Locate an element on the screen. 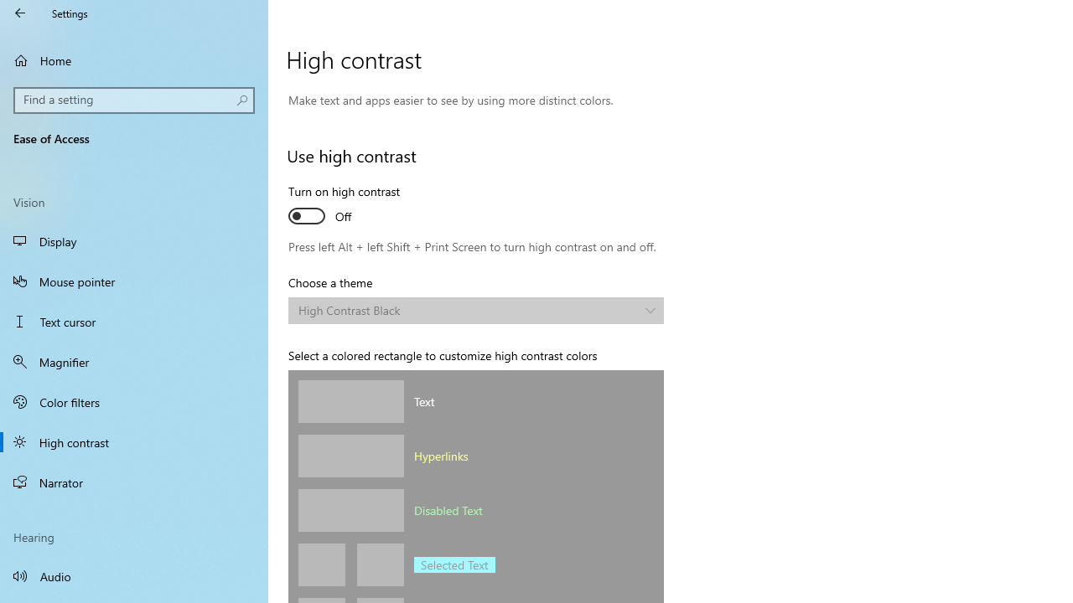 This screenshot has width=1073, height=603. 'Text color' is located at coordinates (350, 401).